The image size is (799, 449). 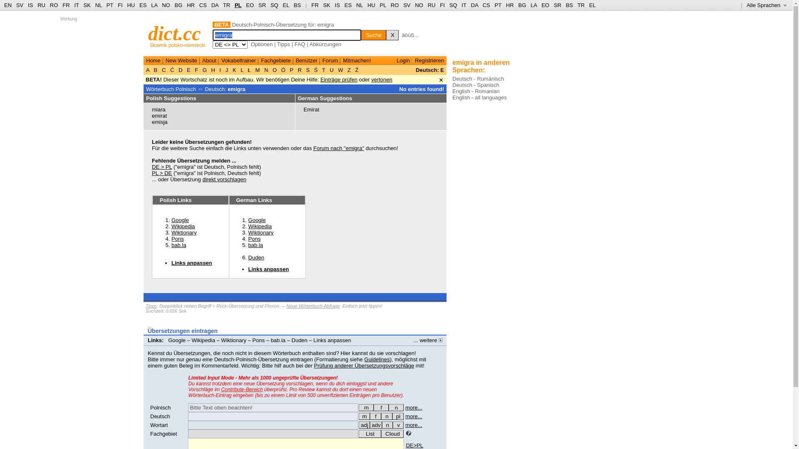 What do you see at coordinates (397, 416) in the screenshot?
I see `'die - Mehrzahl (Plural)'` at bounding box center [397, 416].